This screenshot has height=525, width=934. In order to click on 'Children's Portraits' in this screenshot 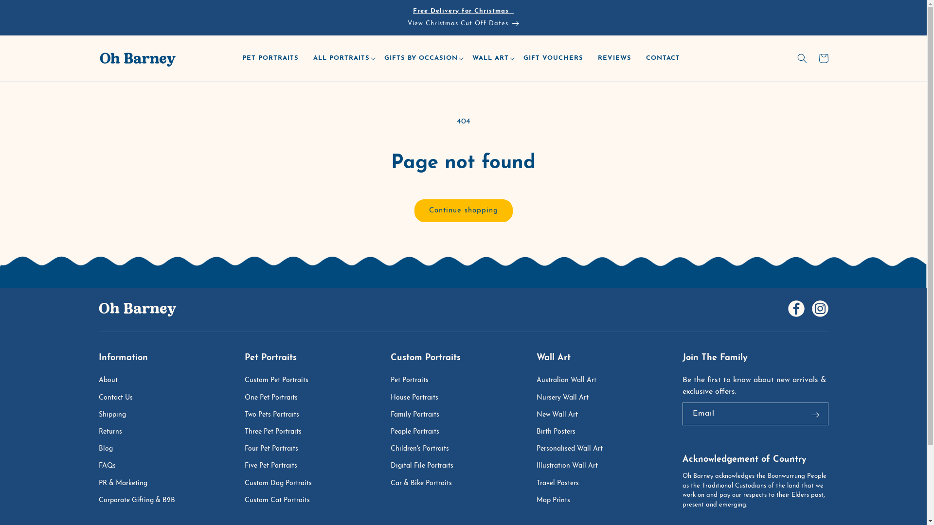, I will do `click(424, 449)`.